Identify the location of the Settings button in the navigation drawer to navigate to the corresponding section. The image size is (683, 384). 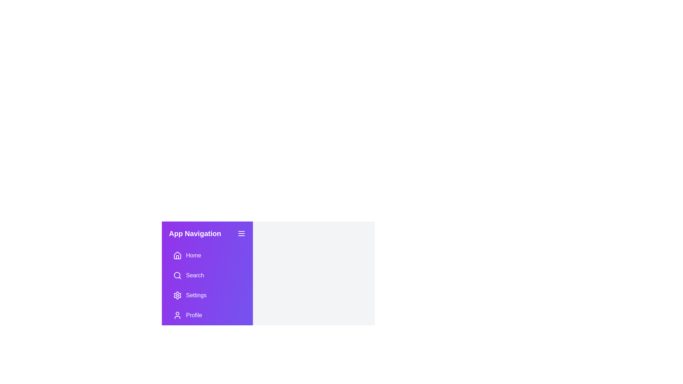
(207, 295).